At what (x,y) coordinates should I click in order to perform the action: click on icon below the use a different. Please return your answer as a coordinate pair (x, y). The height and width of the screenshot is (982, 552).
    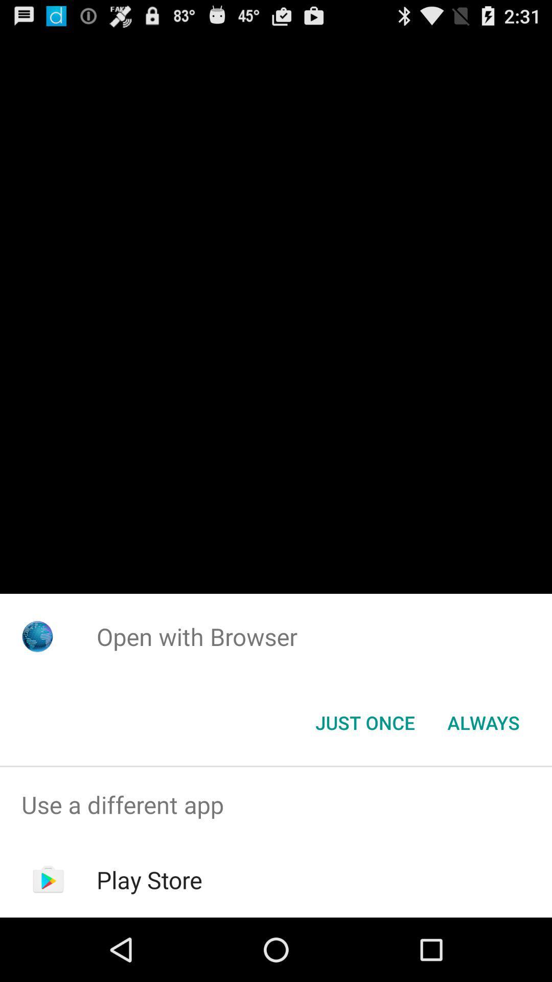
    Looking at the image, I should click on (149, 879).